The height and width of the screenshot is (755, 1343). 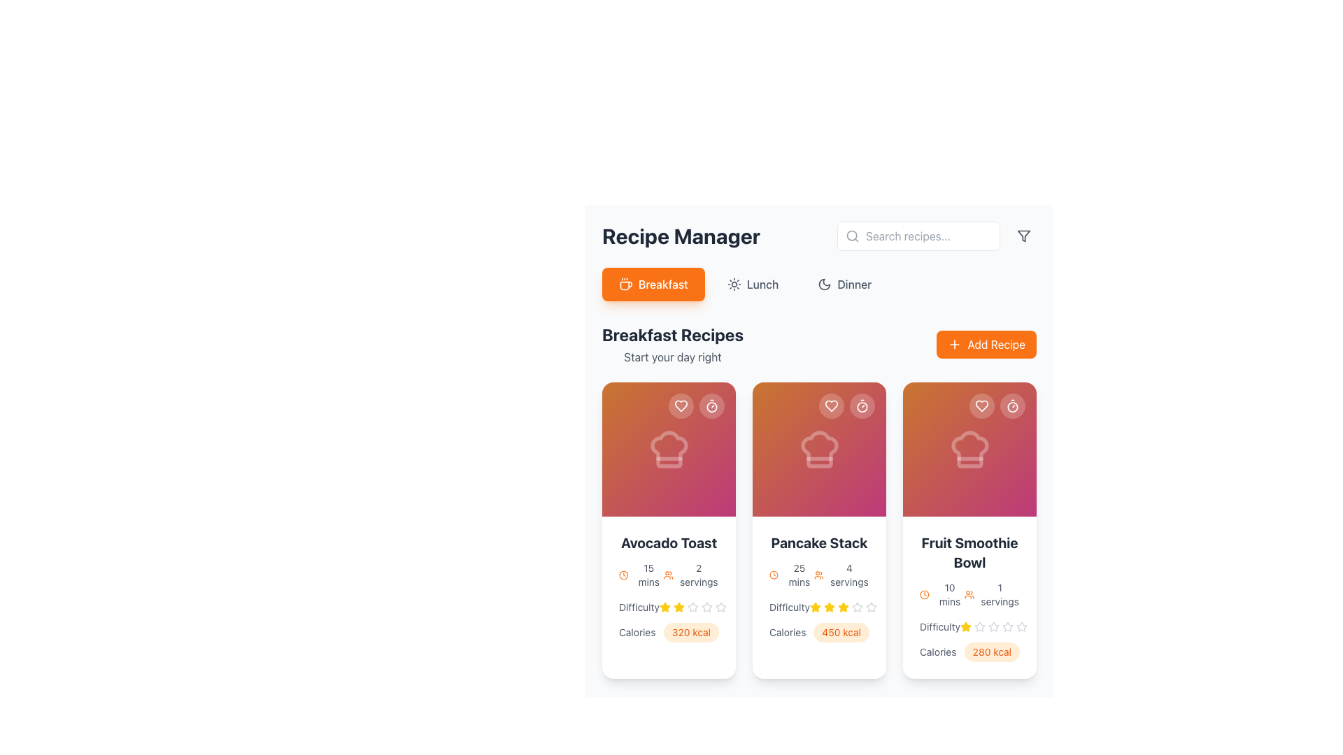 I want to click on the 'Breakfast' button, which is a text label displayed in white on a bright orange background, so click(x=662, y=284).